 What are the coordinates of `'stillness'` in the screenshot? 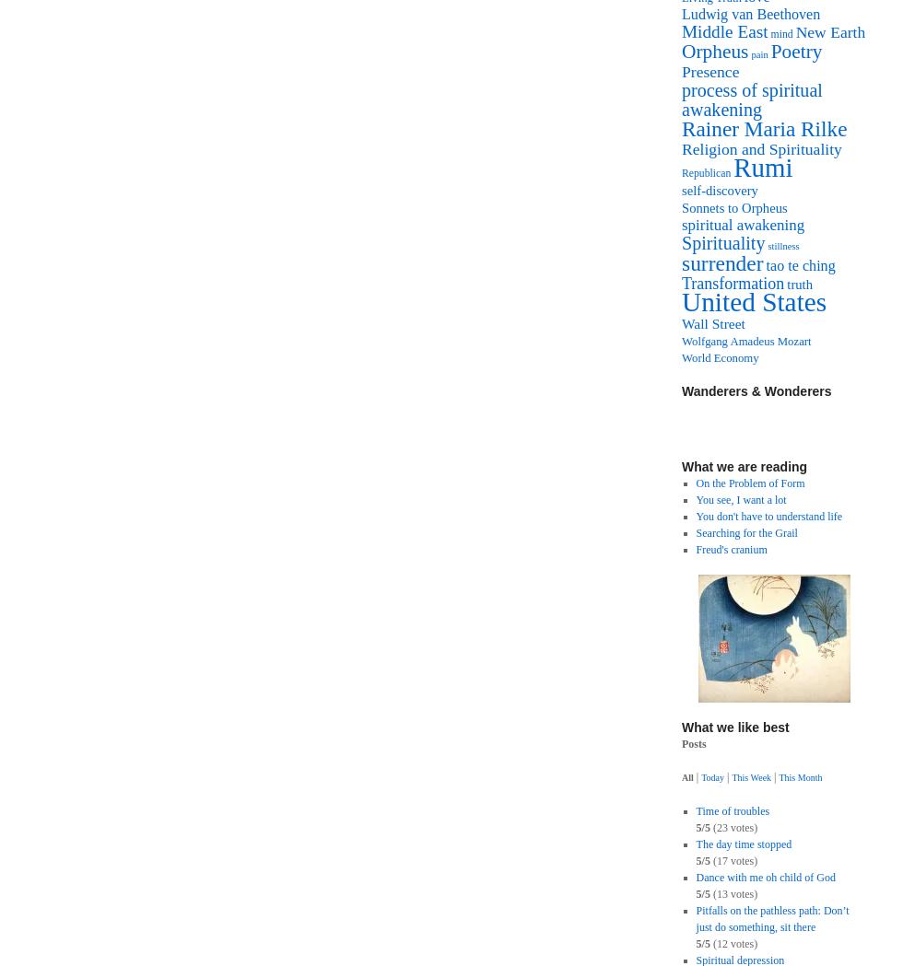 It's located at (782, 245).